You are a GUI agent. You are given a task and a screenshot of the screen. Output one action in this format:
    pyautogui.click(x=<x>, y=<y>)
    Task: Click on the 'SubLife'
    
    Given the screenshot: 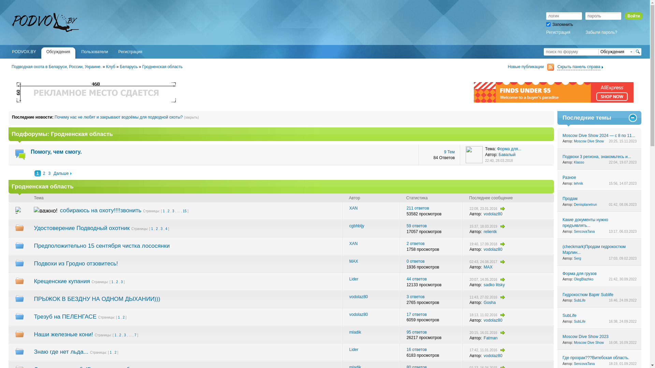 What is the action you would take?
    pyautogui.click(x=569, y=315)
    